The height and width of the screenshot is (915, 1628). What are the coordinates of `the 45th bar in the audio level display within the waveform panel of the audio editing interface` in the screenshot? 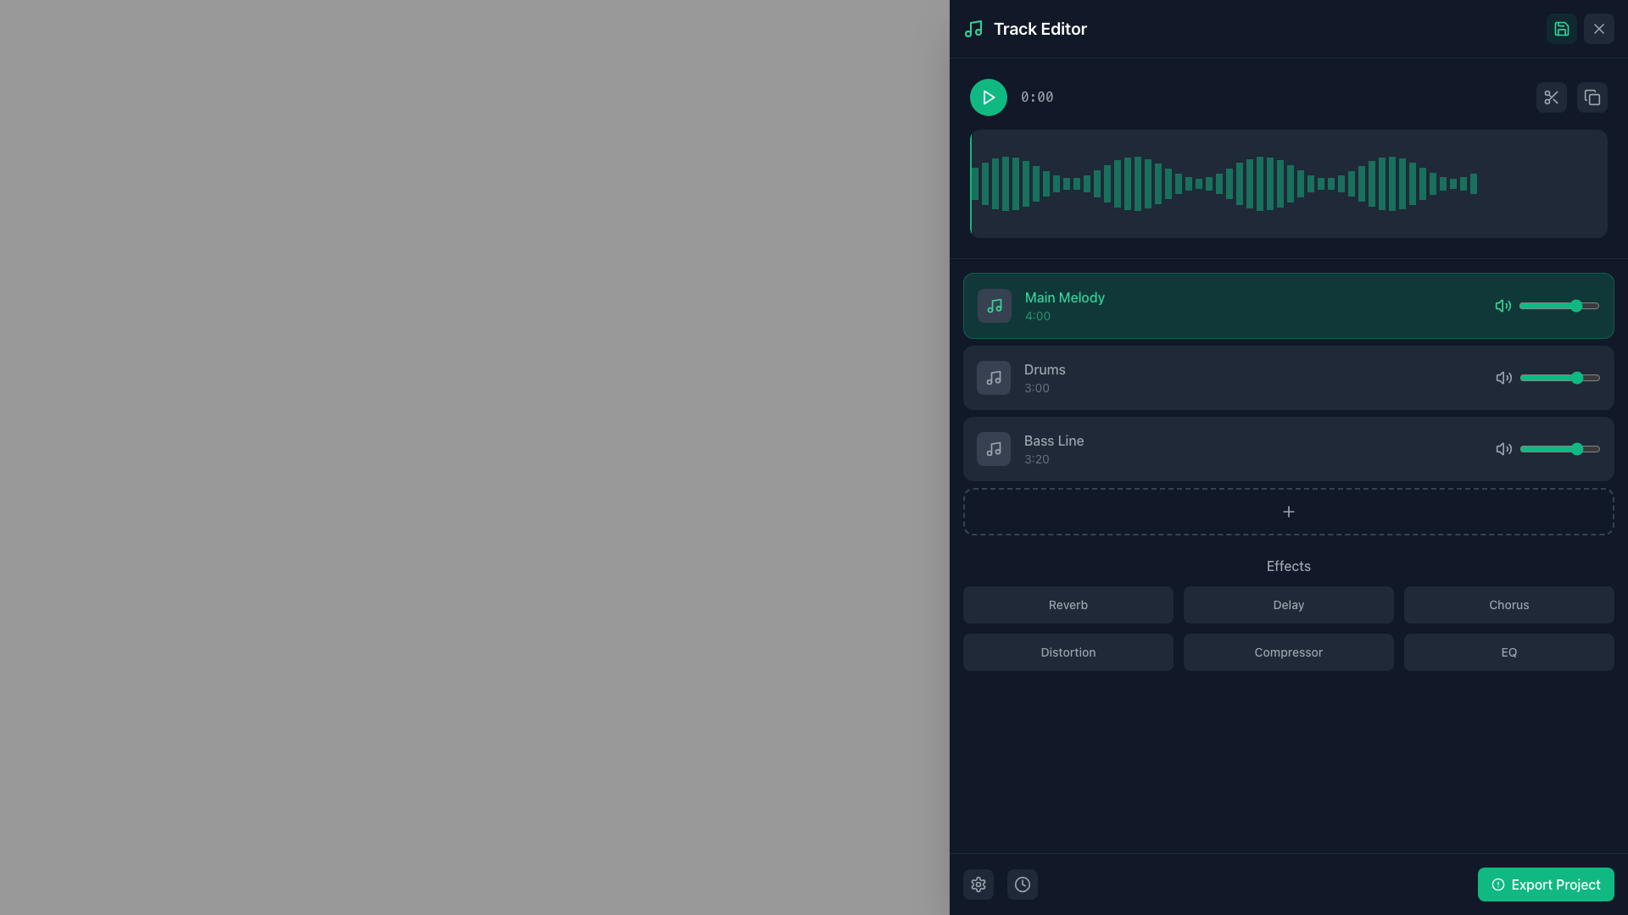 It's located at (1330, 183).